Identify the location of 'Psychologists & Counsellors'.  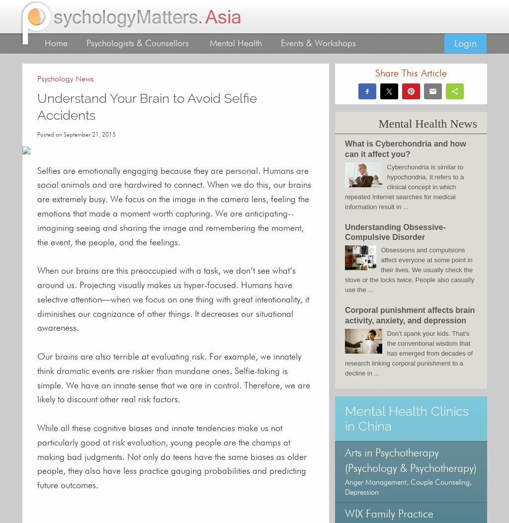
(137, 43).